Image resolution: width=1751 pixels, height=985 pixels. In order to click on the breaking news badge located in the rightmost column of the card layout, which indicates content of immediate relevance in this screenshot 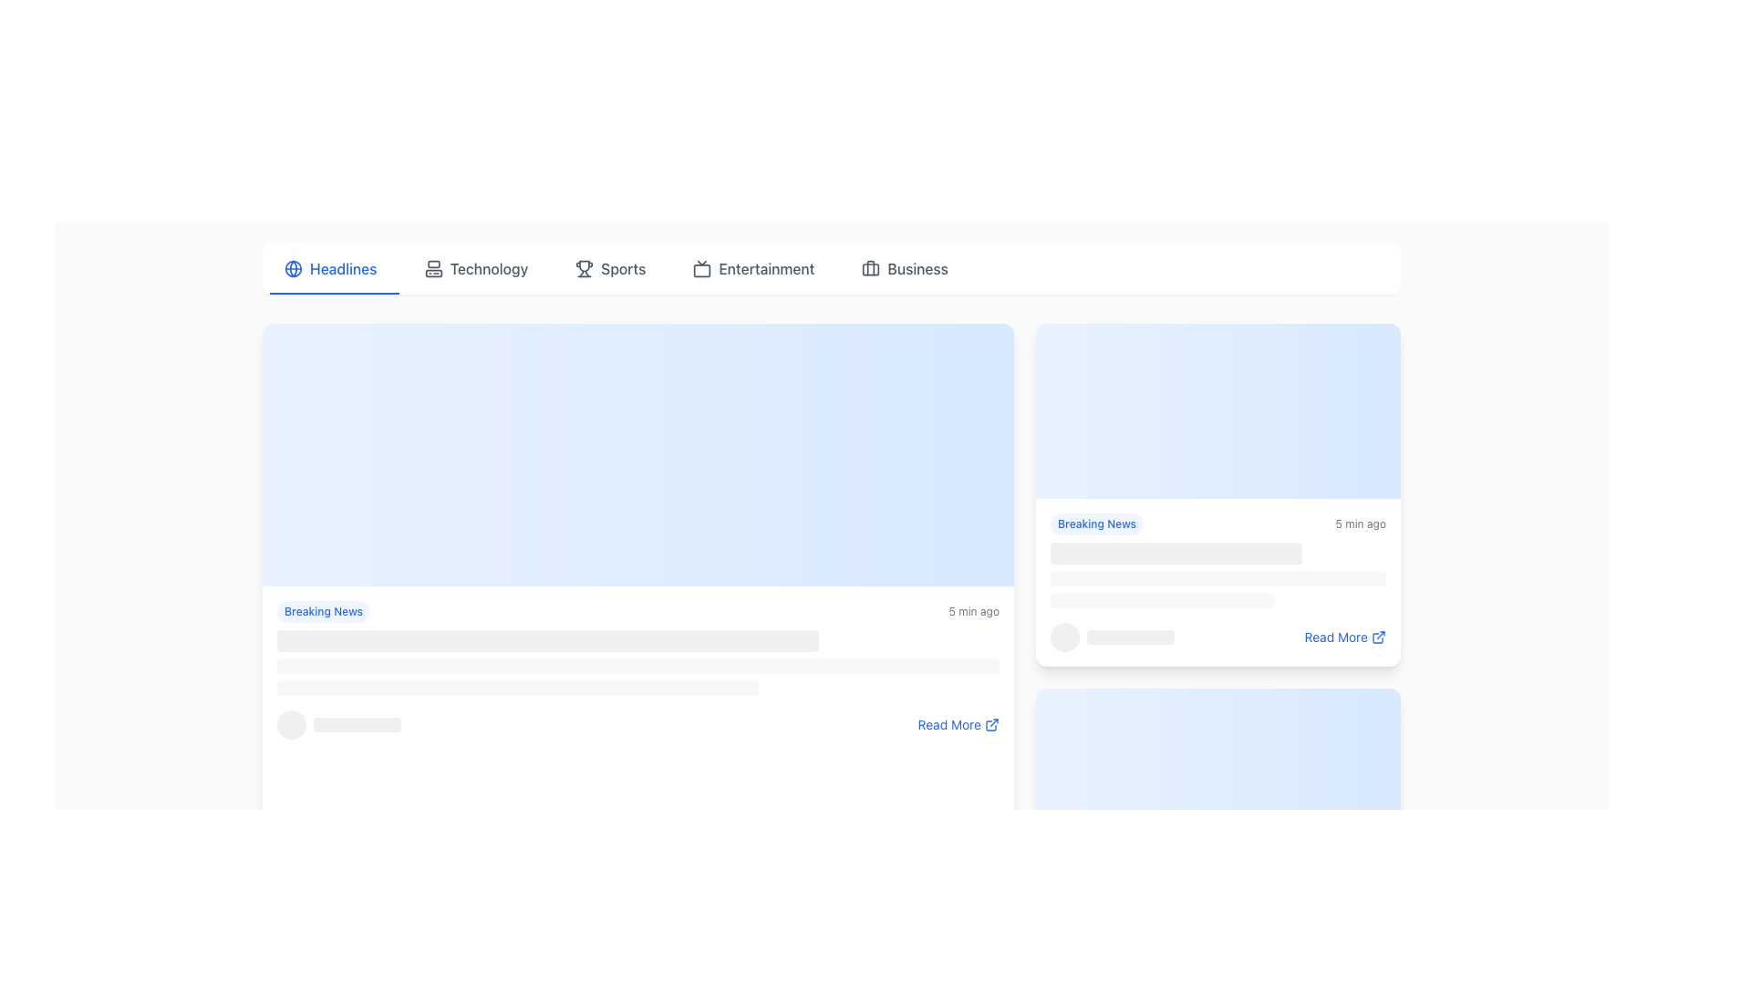, I will do `click(1096, 524)`.